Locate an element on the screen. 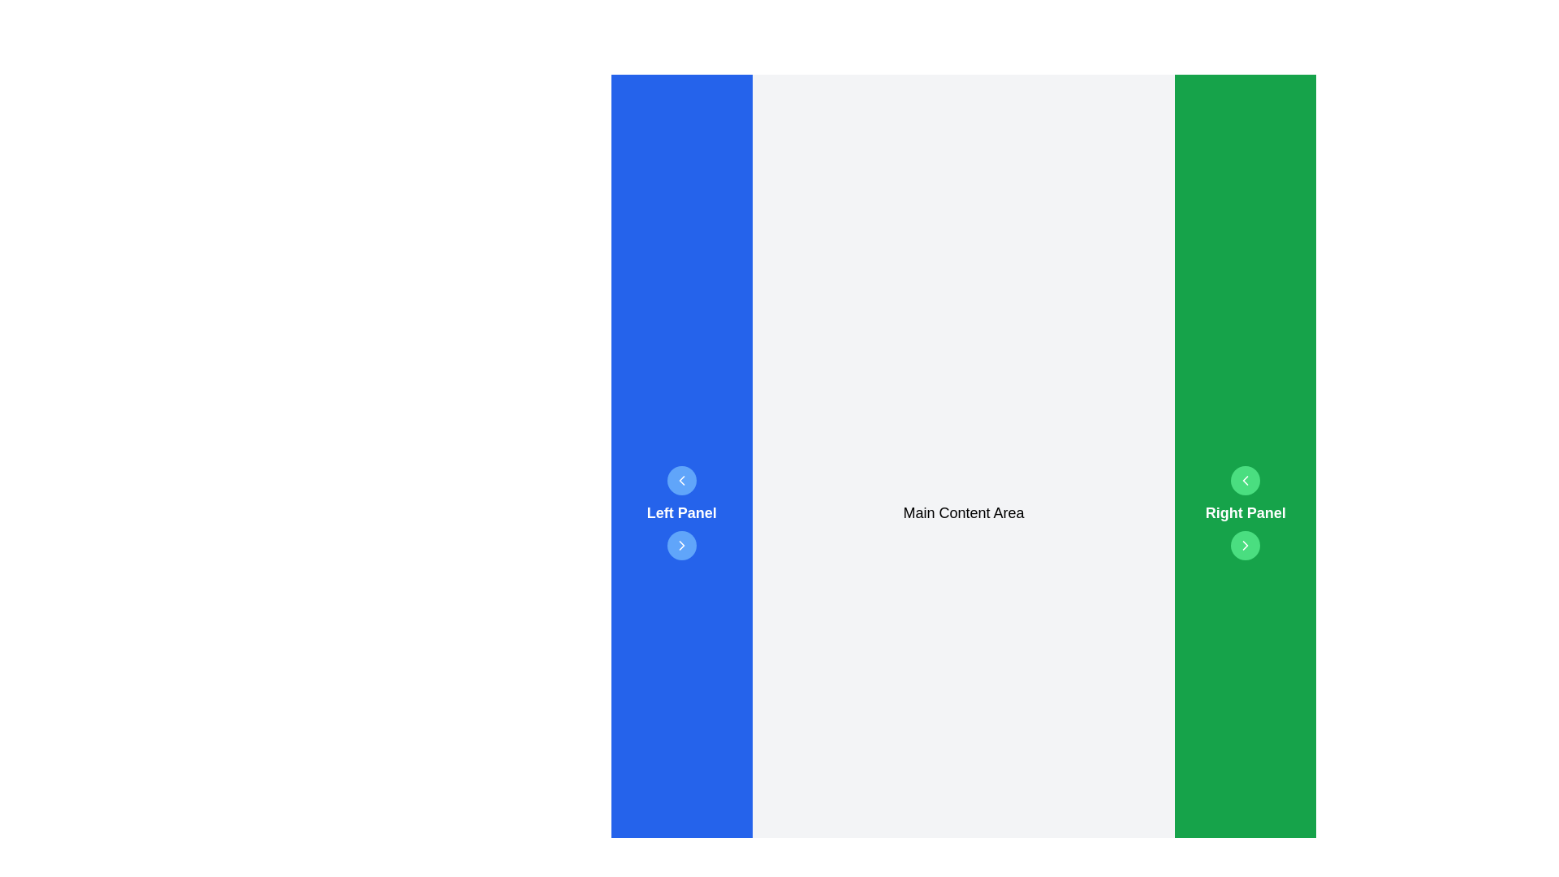 This screenshot has height=877, width=1559. the first interactive button in the 'Left Panel' section is located at coordinates (681, 479).